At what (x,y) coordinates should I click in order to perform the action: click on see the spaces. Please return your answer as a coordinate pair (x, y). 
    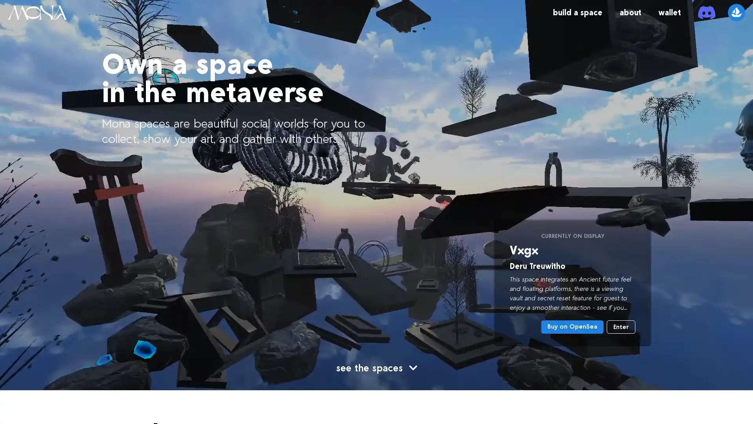
    Looking at the image, I should click on (376, 368).